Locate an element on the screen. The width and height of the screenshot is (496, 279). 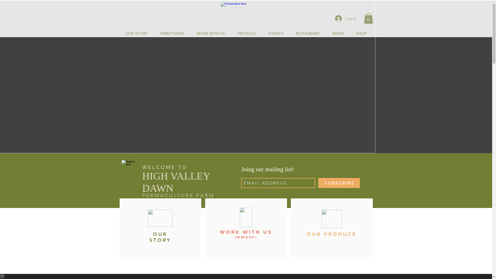
'SHOP' is located at coordinates (361, 34).